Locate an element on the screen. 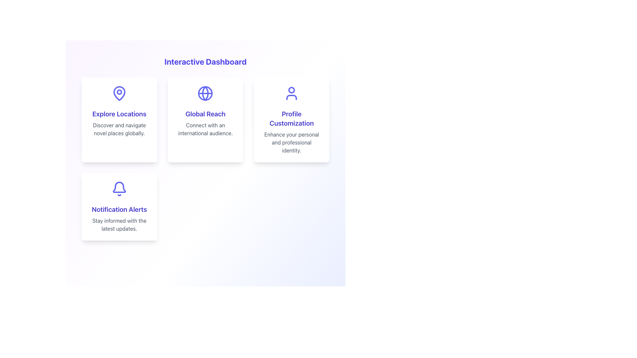 The height and width of the screenshot is (358, 637). the notification alerts icon located in the top section of the card labeled 'Notification Alerts', positioned below the heading and above the descriptive text is located at coordinates (119, 189).